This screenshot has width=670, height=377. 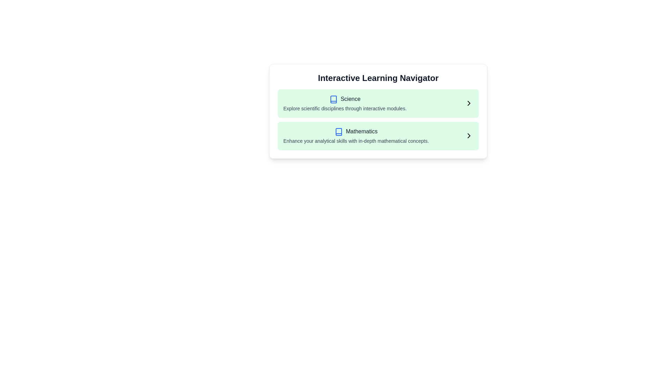 What do you see at coordinates (333, 99) in the screenshot?
I see `the small graphical icon resembling a book` at bounding box center [333, 99].